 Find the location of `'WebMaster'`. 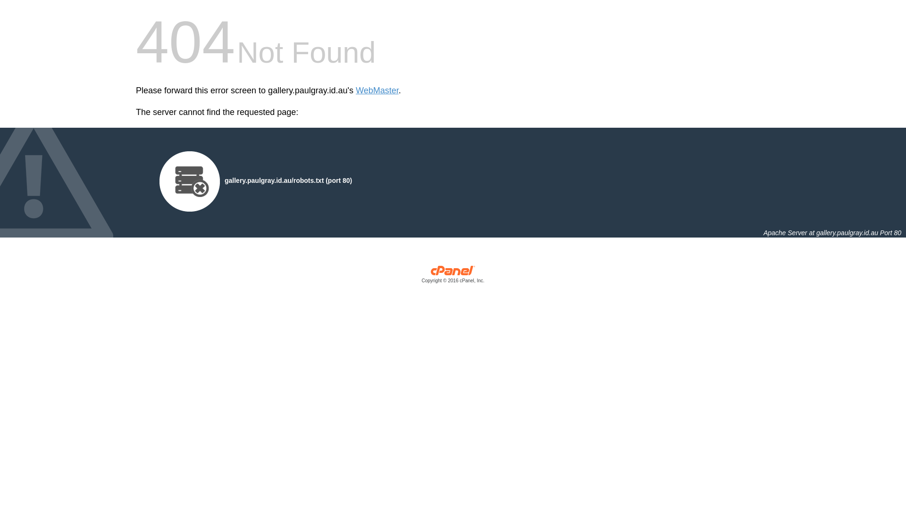

'WebMaster' is located at coordinates (377, 90).